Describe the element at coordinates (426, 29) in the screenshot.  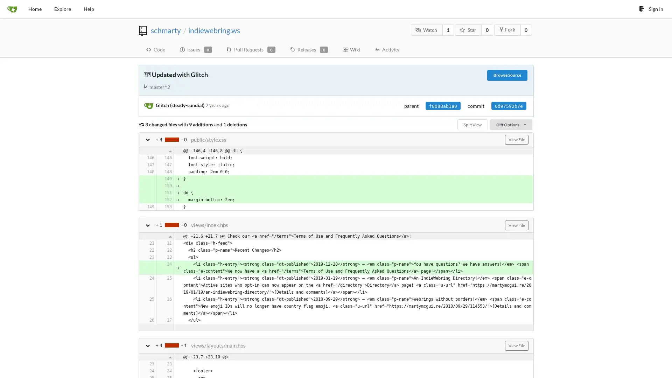
I see `Watch` at that location.